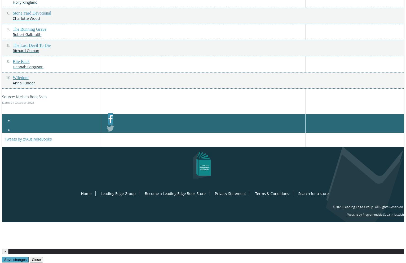  Describe the element at coordinates (25, 50) in the screenshot. I see `'Richard Osman'` at that location.